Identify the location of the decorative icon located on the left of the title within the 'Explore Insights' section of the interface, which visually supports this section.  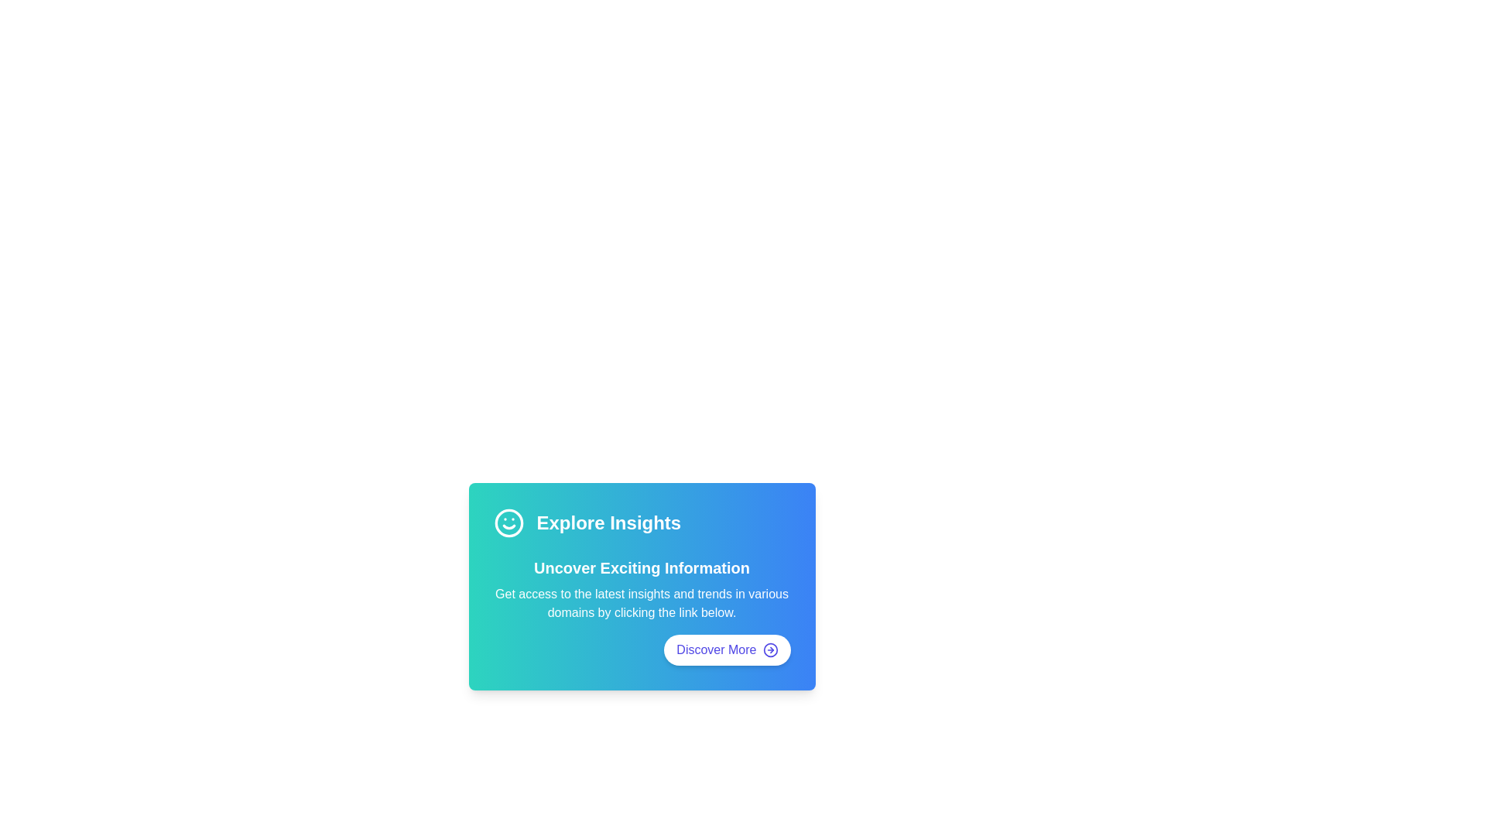
(508, 522).